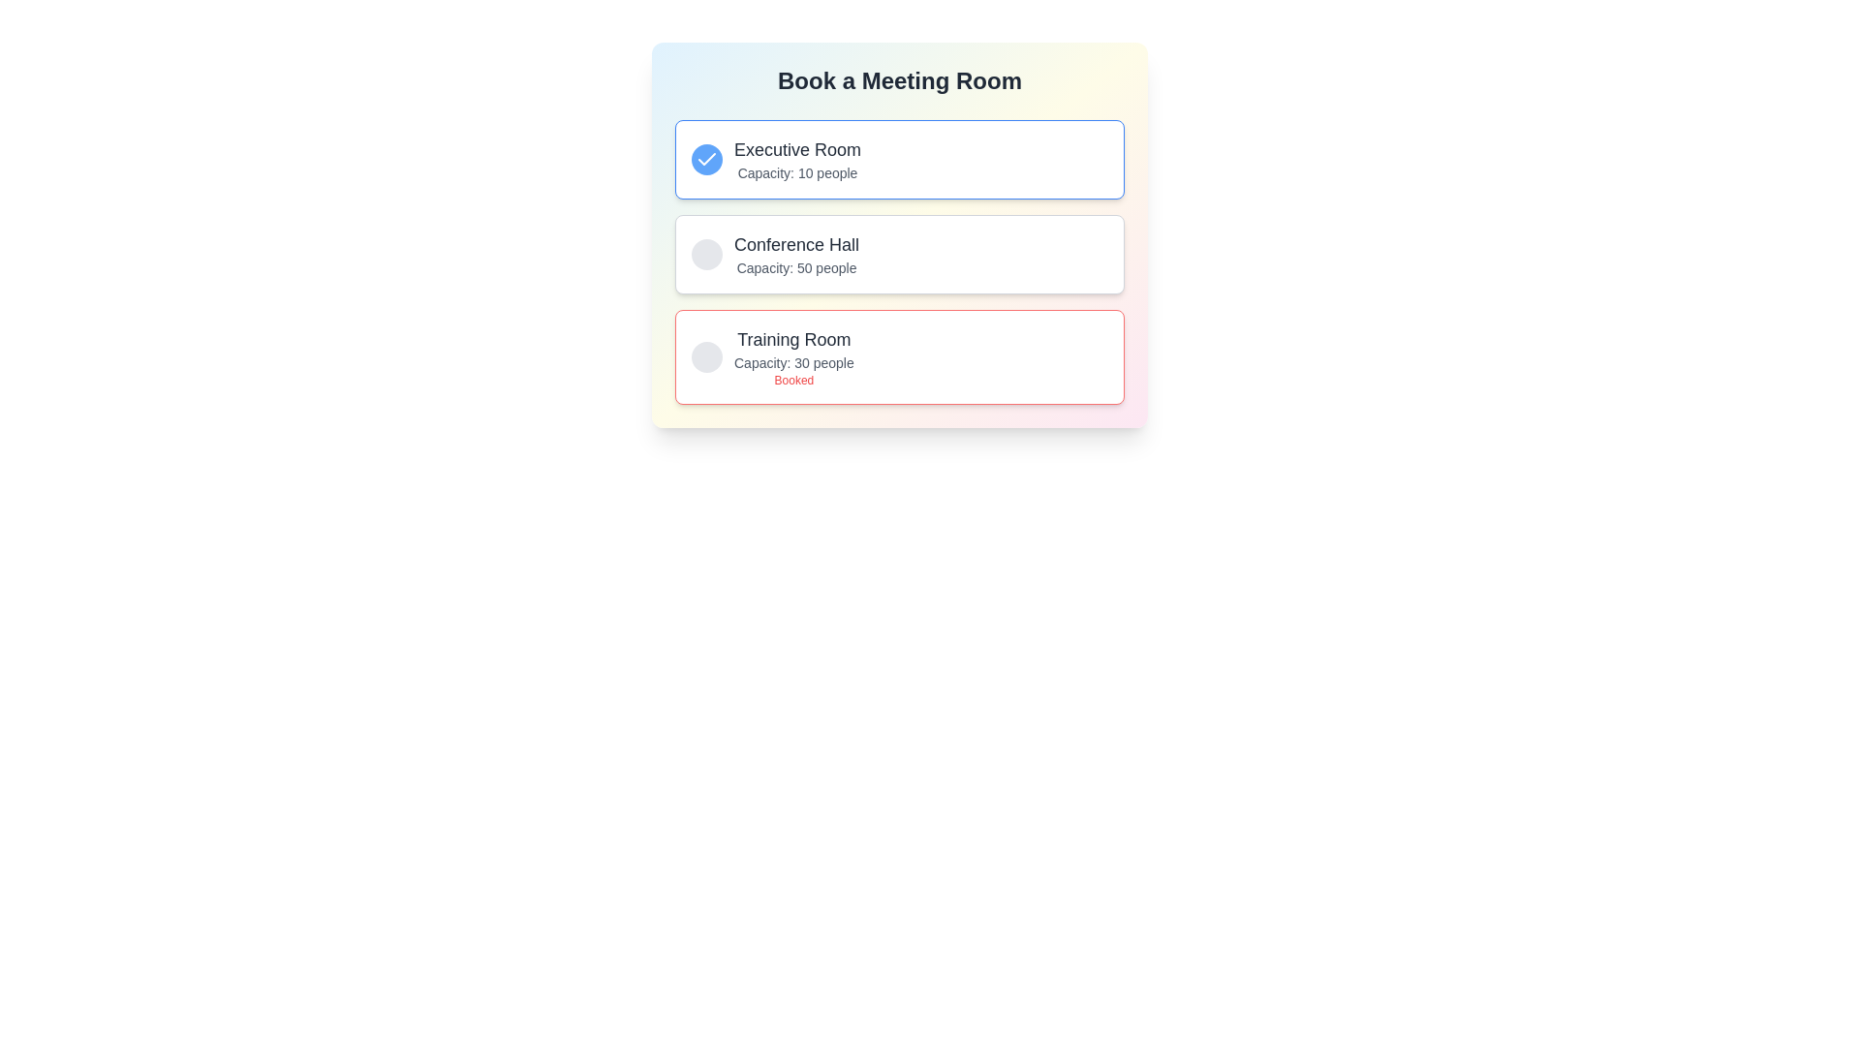 This screenshot has width=1860, height=1046. What do you see at coordinates (899, 234) in the screenshot?
I see `the selectable list item for the 'Conference Hall' room option` at bounding box center [899, 234].